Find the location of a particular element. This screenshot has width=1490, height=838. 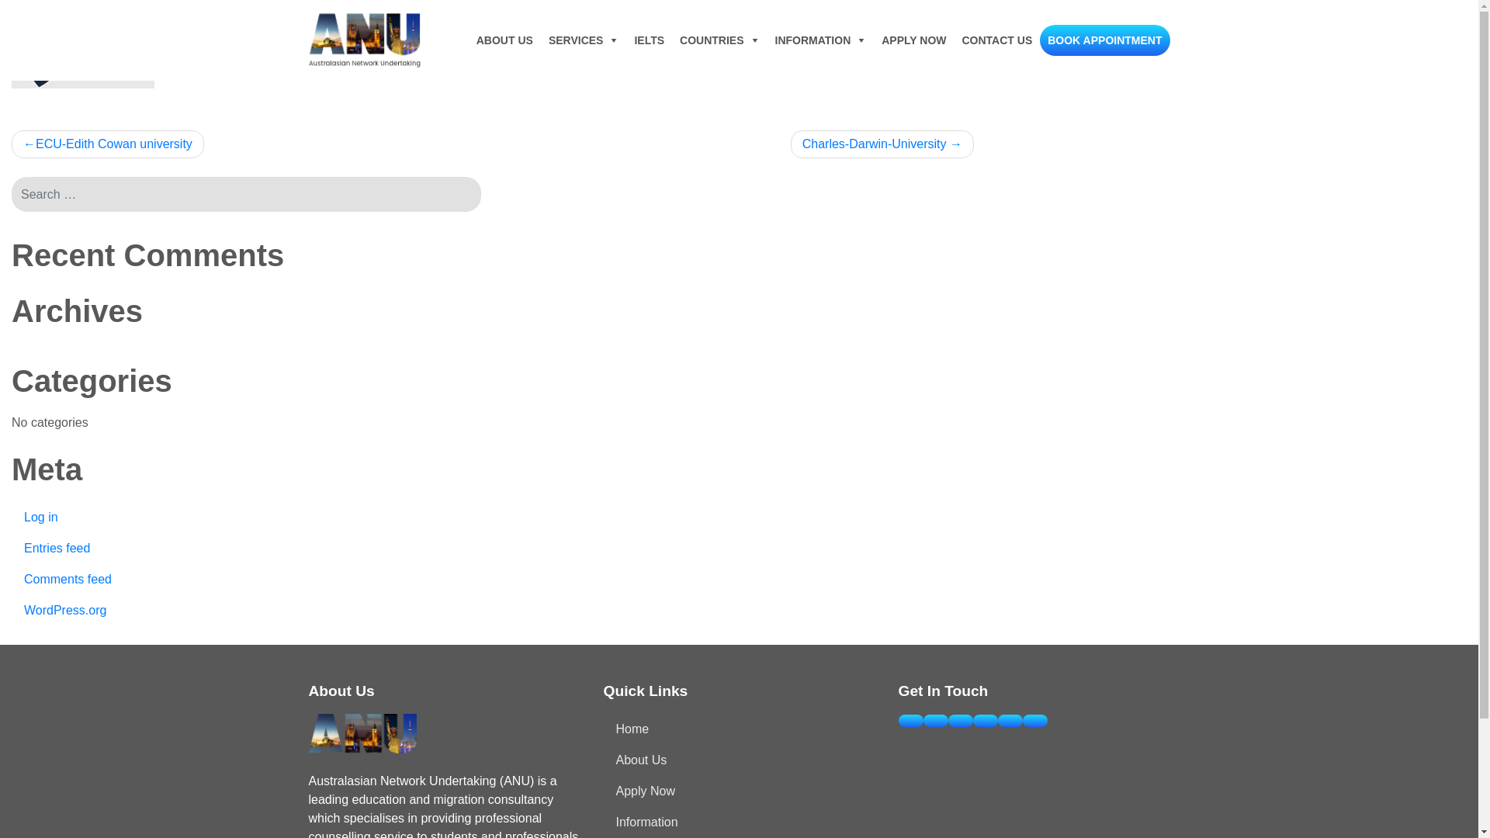

'COUNTRIES' is located at coordinates (671, 39).